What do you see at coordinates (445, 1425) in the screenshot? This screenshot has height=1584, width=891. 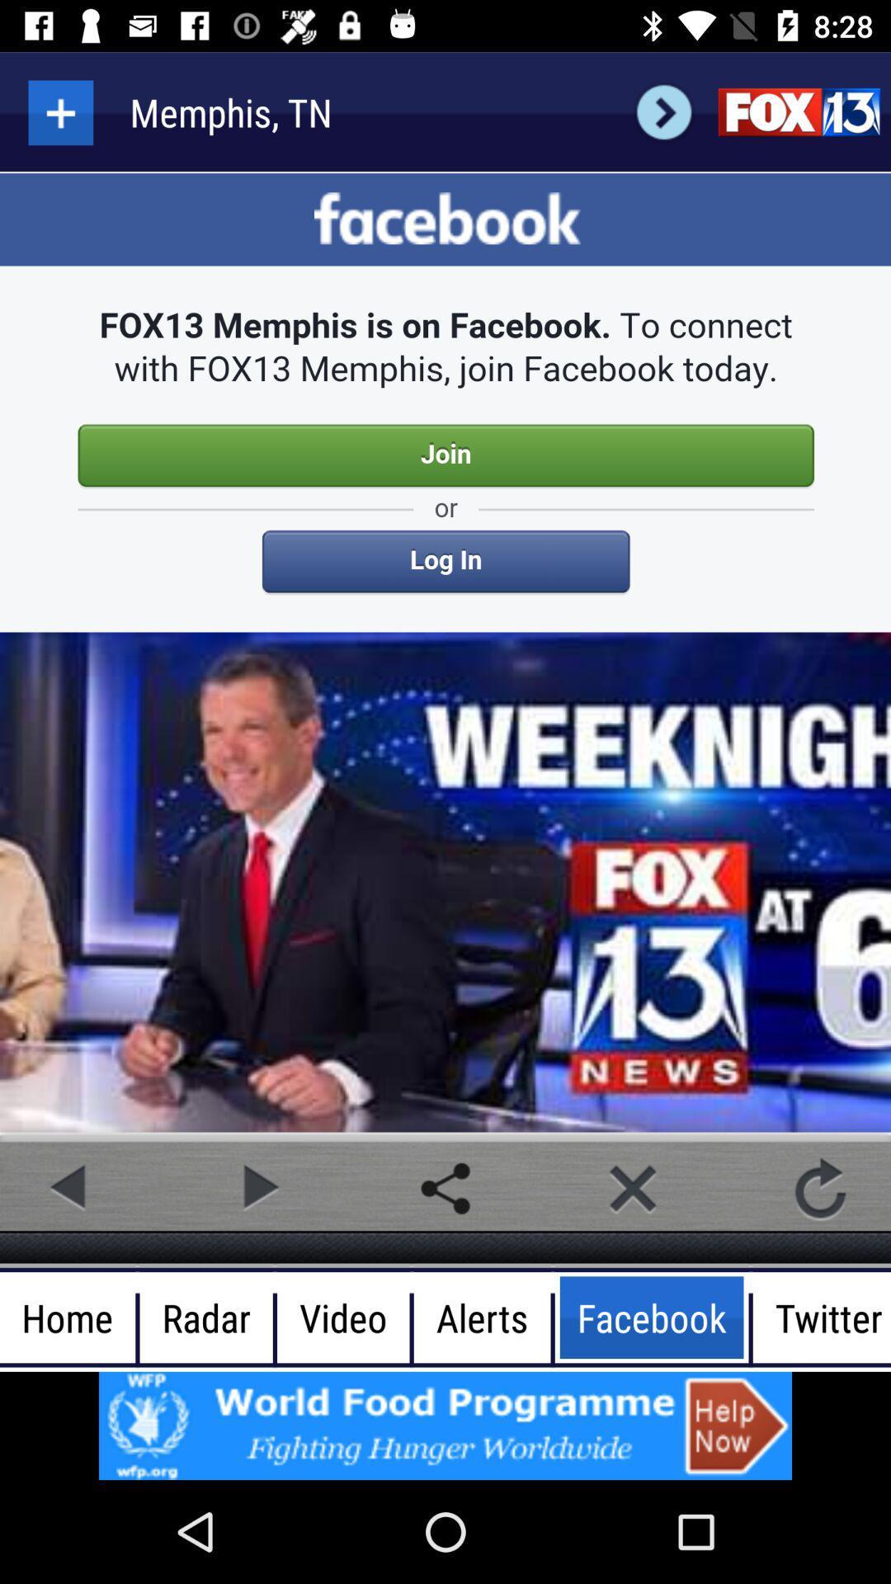 I see `advertisements` at bounding box center [445, 1425].